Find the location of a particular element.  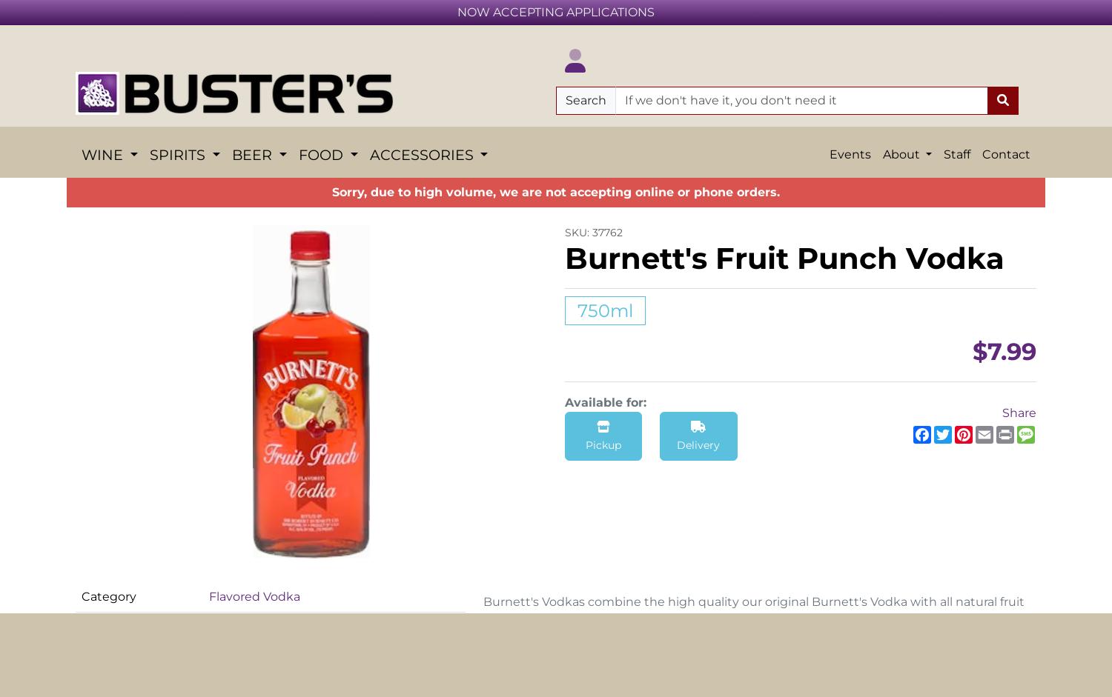

'Burnett's' is located at coordinates (235, 42).